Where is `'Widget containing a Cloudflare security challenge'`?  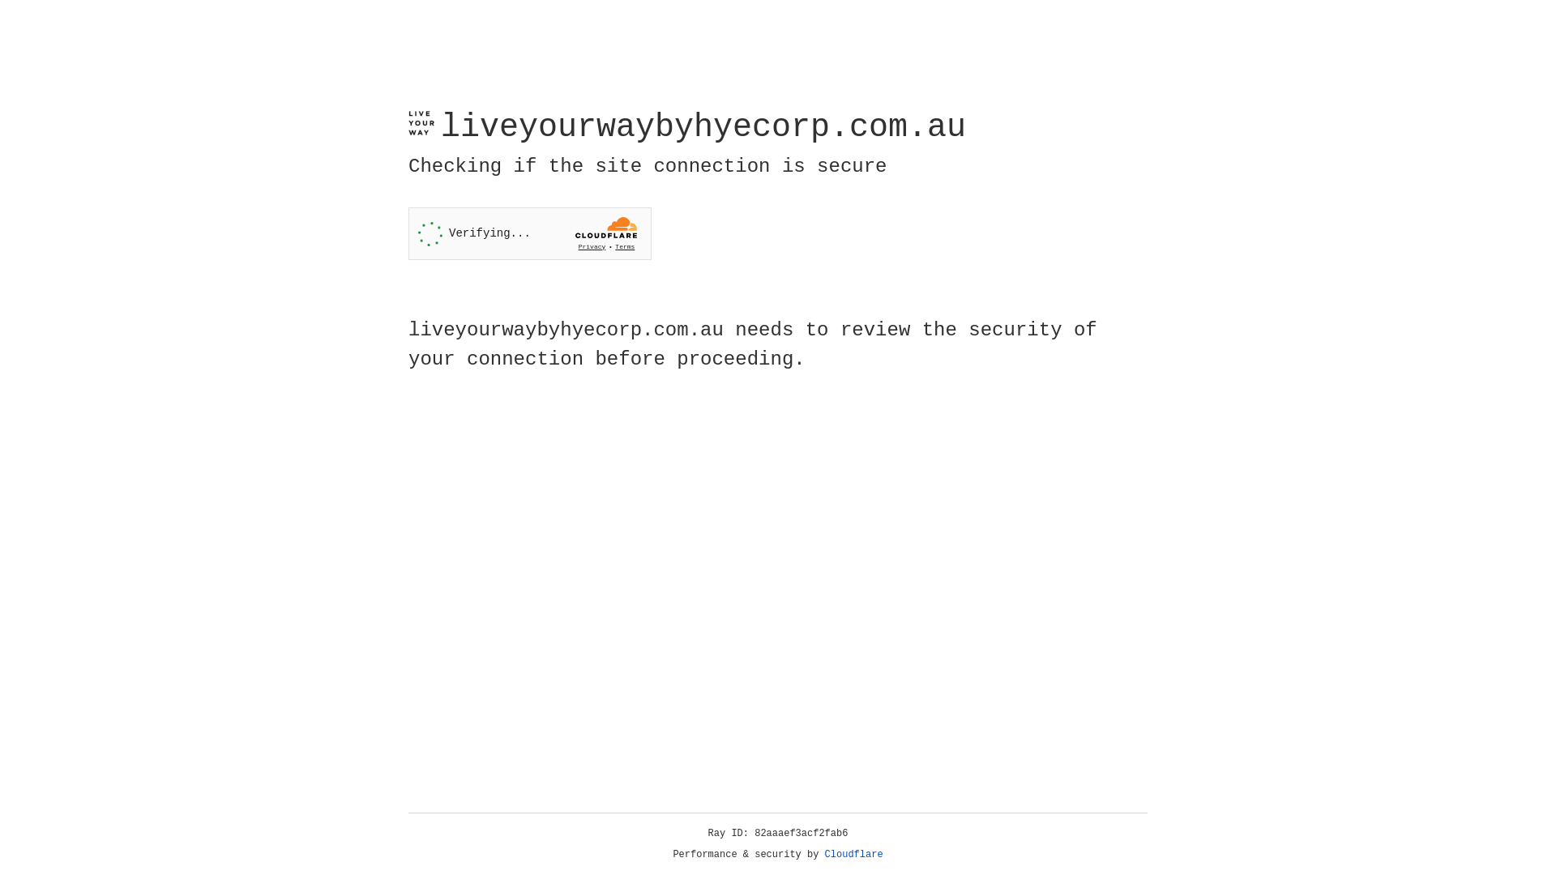 'Widget containing a Cloudflare security challenge' is located at coordinates (529, 233).